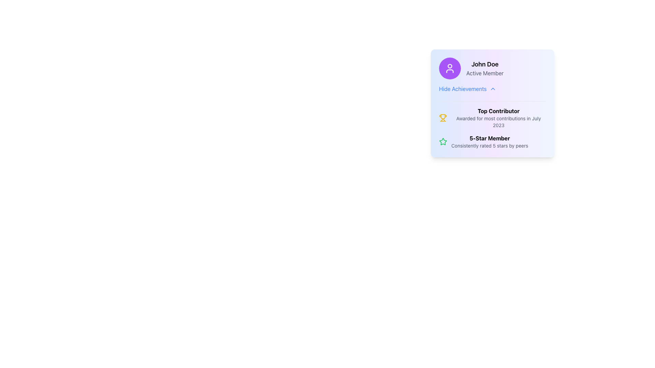 The height and width of the screenshot is (368, 655). What do you see at coordinates (463, 89) in the screenshot?
I see `the 'Hide Achievements' text label, which is styled in blue with an underline hover effect, located under the user's name 'John Doe' within the profile card interface` at bounding box center [463, 89].